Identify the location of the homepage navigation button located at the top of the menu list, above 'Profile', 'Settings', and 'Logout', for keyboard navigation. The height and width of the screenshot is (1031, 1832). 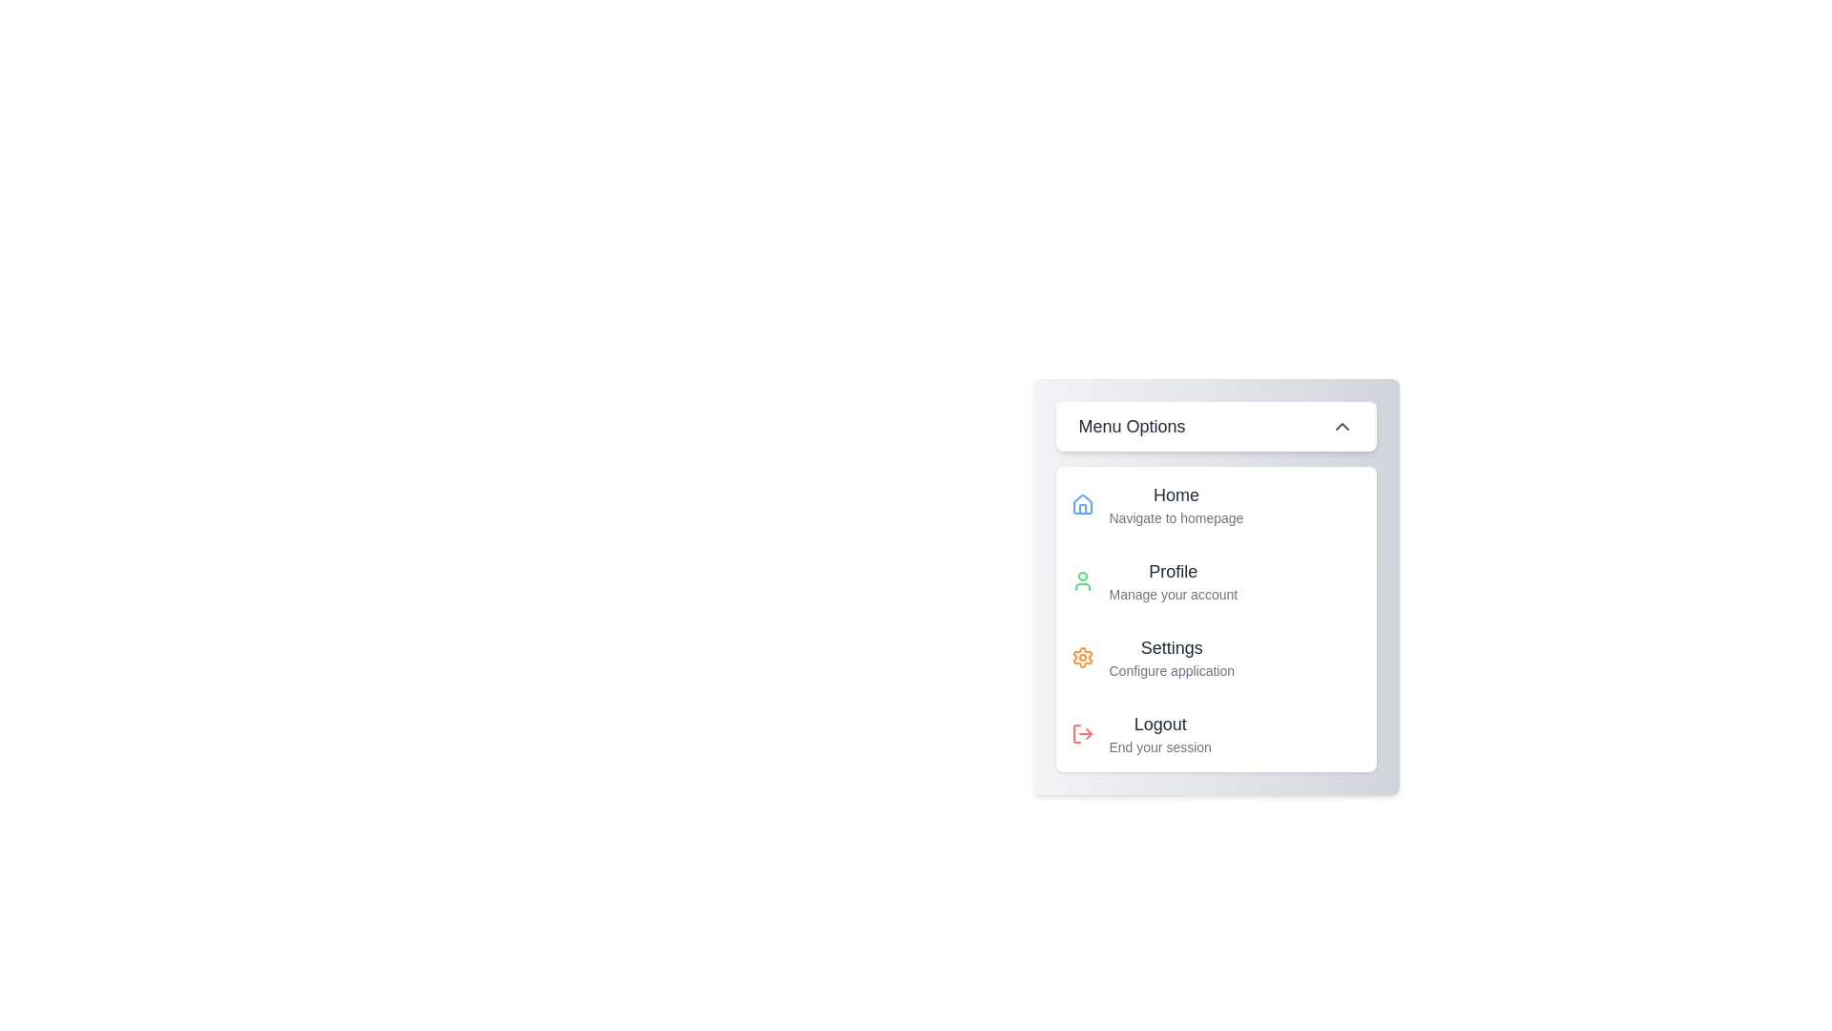
(1215, 503).